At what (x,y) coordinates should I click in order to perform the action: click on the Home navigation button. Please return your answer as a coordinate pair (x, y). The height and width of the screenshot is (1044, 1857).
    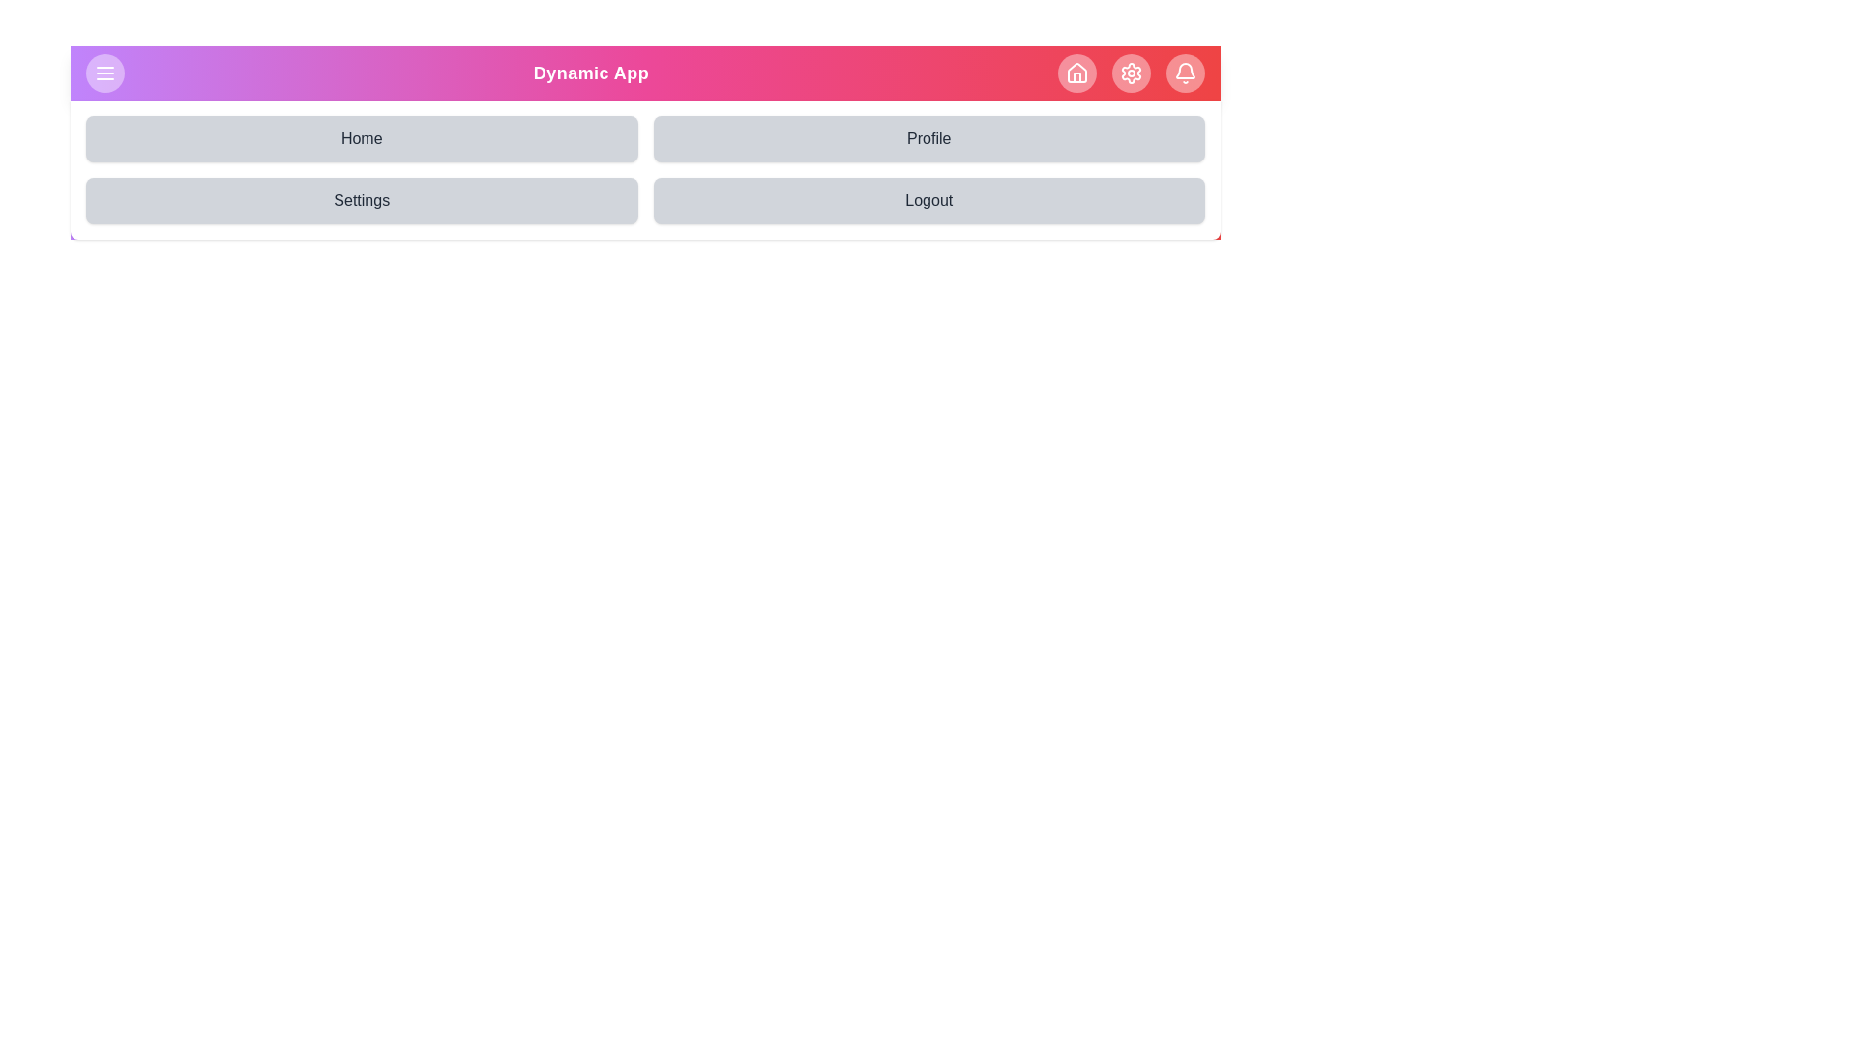
    Looking at the image, I should click on (362, 137).